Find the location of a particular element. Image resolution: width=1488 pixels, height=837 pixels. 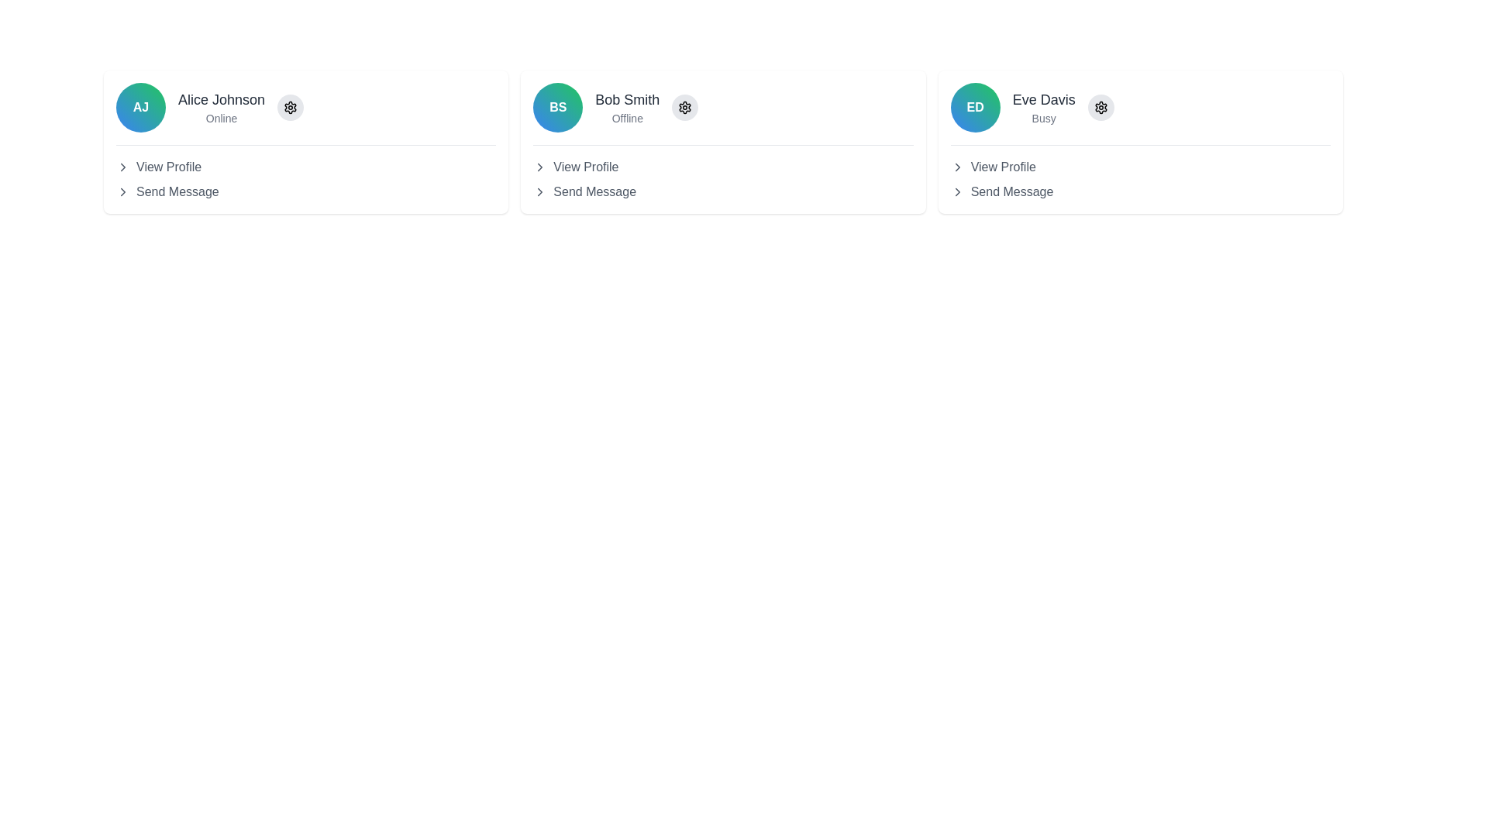

the 'View Profile' option in the actionable items list located under the 'Alice Johnson' profile card is located at coordinates (306, 178).